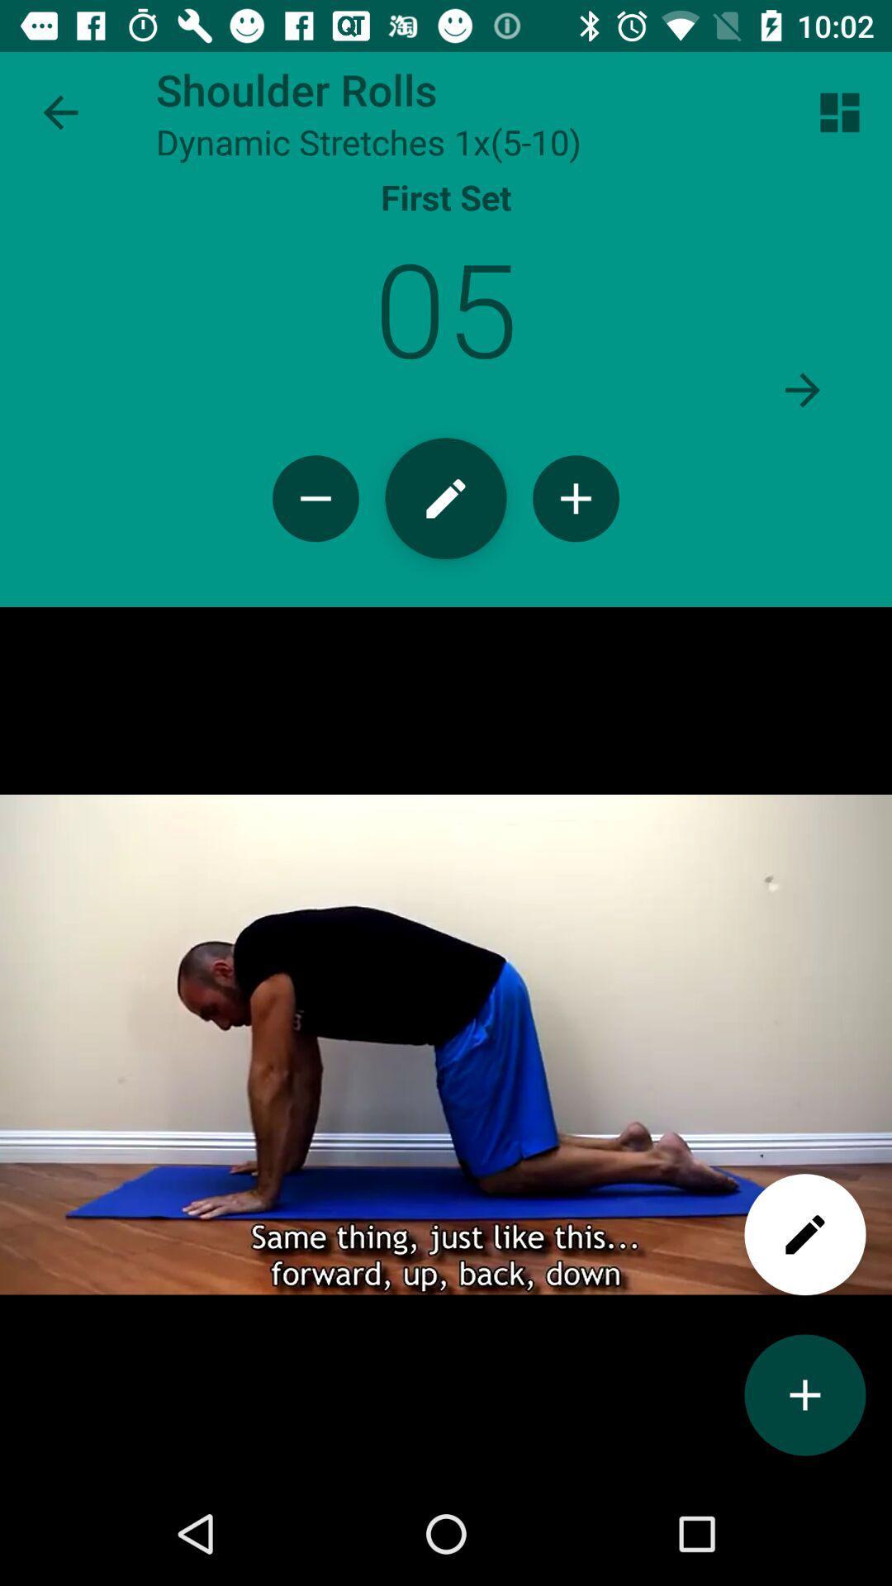  I want to click on edit pencil icon, so click(446, 497).